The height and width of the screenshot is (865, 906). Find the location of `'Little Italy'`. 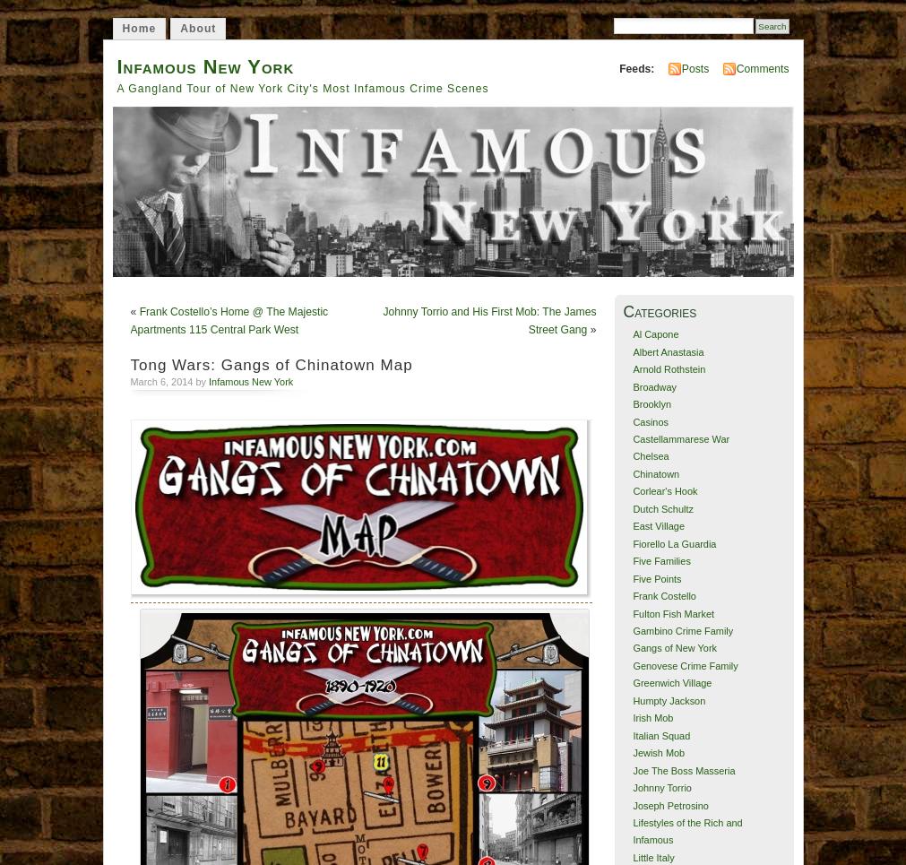

'Little Italy' is located at coordinates (631, 857).